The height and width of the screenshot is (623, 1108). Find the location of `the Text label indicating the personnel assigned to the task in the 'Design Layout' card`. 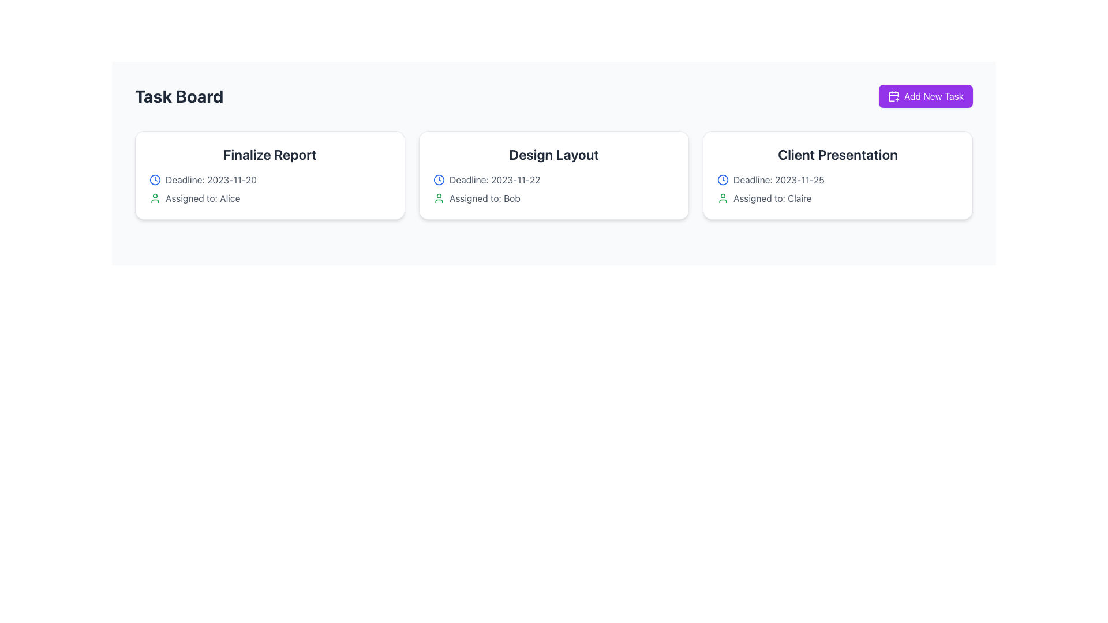

the Text label indicating the personnel assigned to the task in the 'Design Layout' card is located at coordinates (485, 197).